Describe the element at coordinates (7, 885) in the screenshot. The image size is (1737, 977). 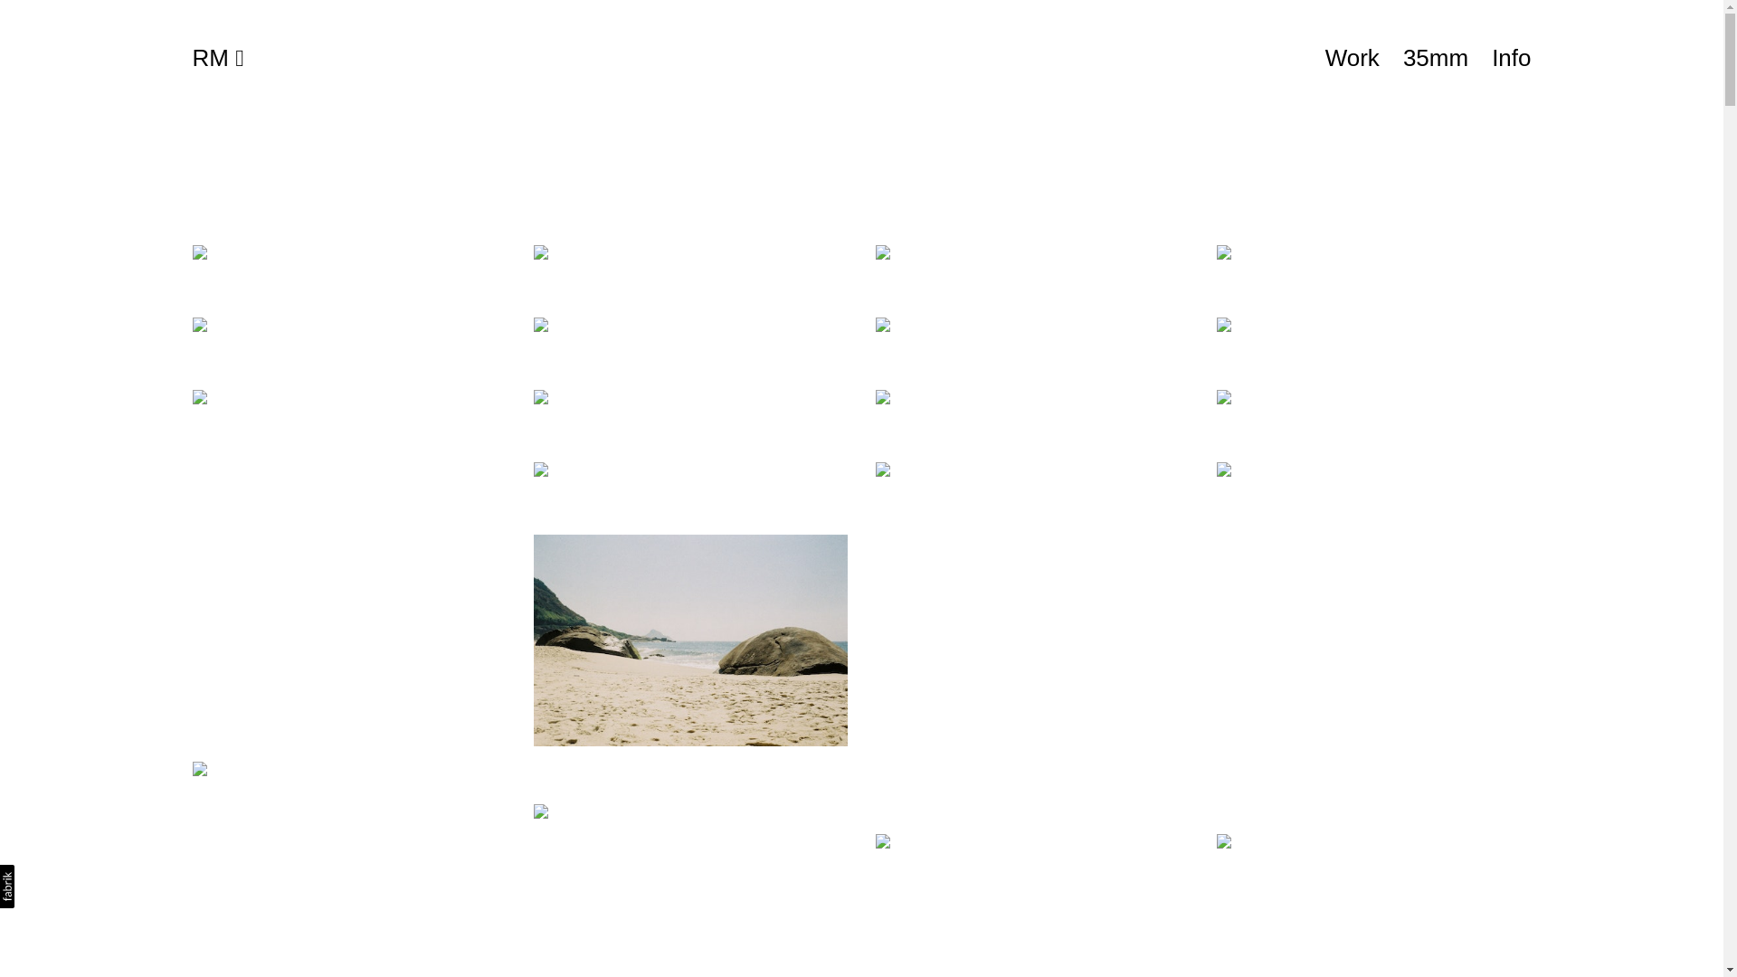
I see `'Created with Fabrik'` at that location.